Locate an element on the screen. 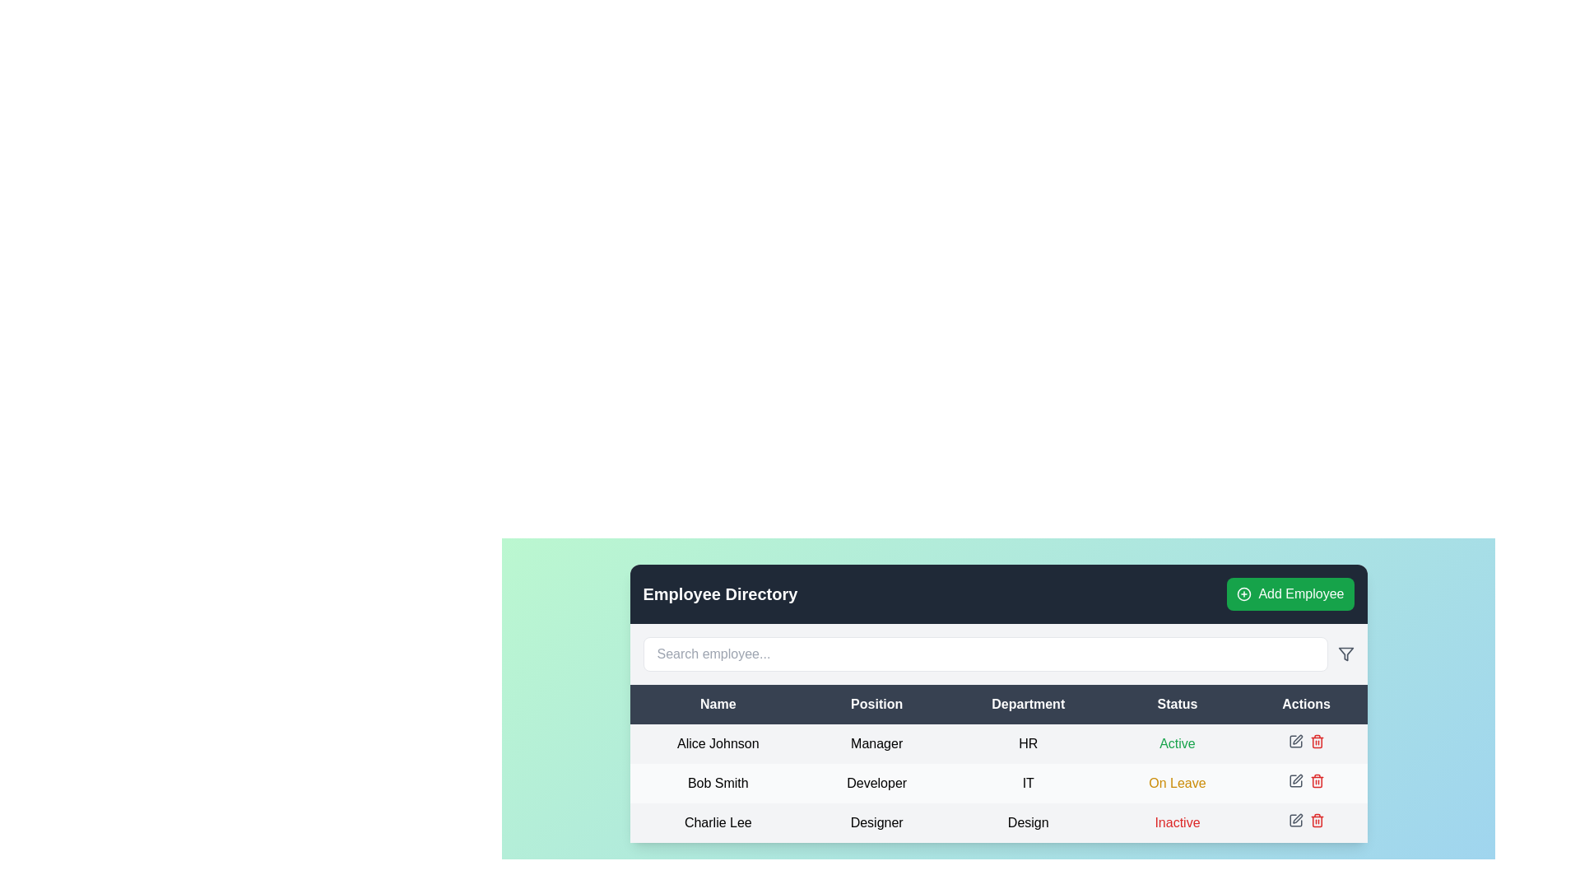 The height and width of the screenshot is (889, 1580). the square icon with a partially open top located in the 'Actions' column of the second row of the table is located at coordinates (1294, 780).